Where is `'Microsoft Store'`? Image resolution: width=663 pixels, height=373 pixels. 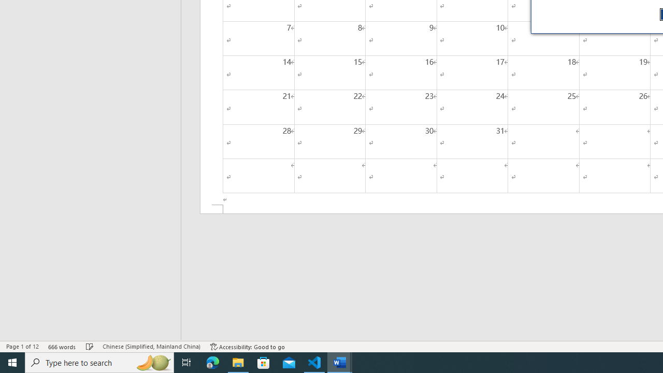 'Microsoft Store' is located at coordinates (264, 362).